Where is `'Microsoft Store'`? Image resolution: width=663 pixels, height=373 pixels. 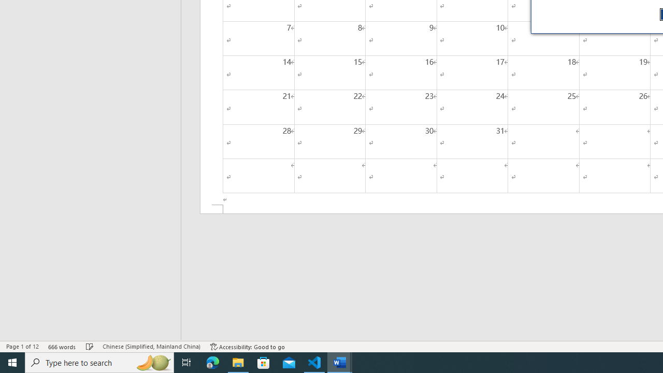 'Microsoft Store' is located at coordinates (264, 362).